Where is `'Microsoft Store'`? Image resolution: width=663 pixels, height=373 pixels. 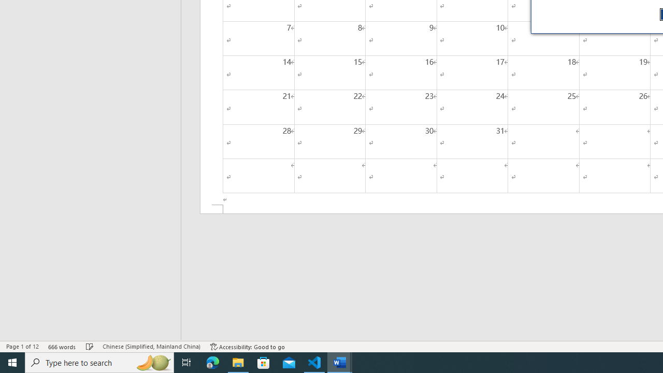 'Microsoft Store' is located at coordinates (264, 362).